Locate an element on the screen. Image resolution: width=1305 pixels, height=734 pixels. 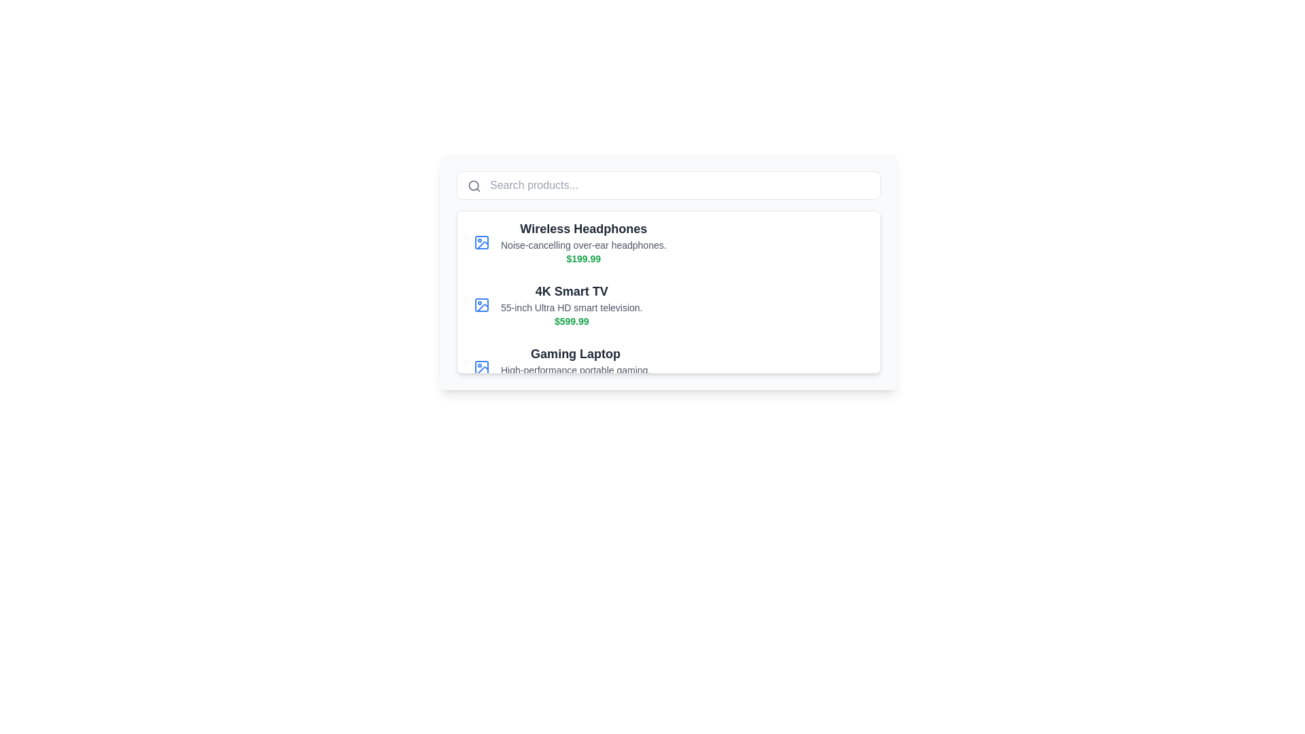
the icon for the '4K Smart TV' product listing, which is positioned to the far left of the content block and aligned vertically with the product title is located at coordinates (482, 304).